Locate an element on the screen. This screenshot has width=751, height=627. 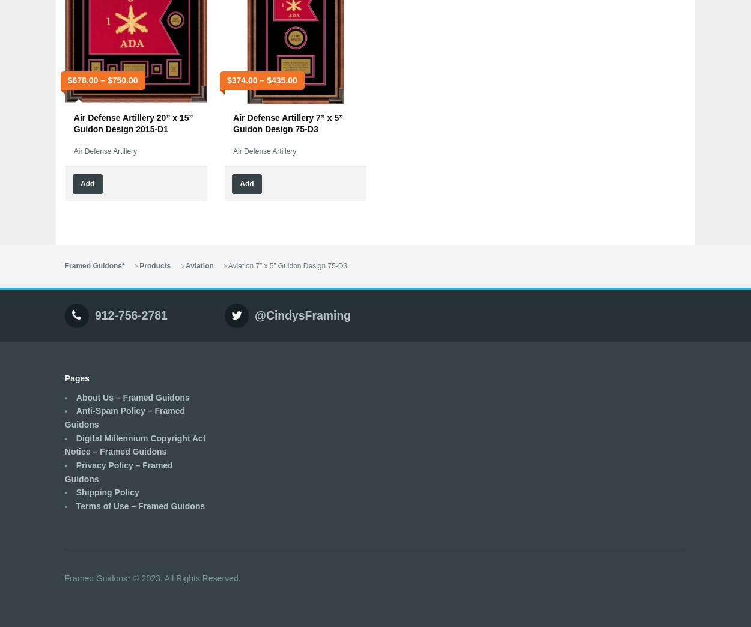
'Air Defense Artillery 7” x 5” Guidon Design 75-D3' is located at coordinates (287, 123).